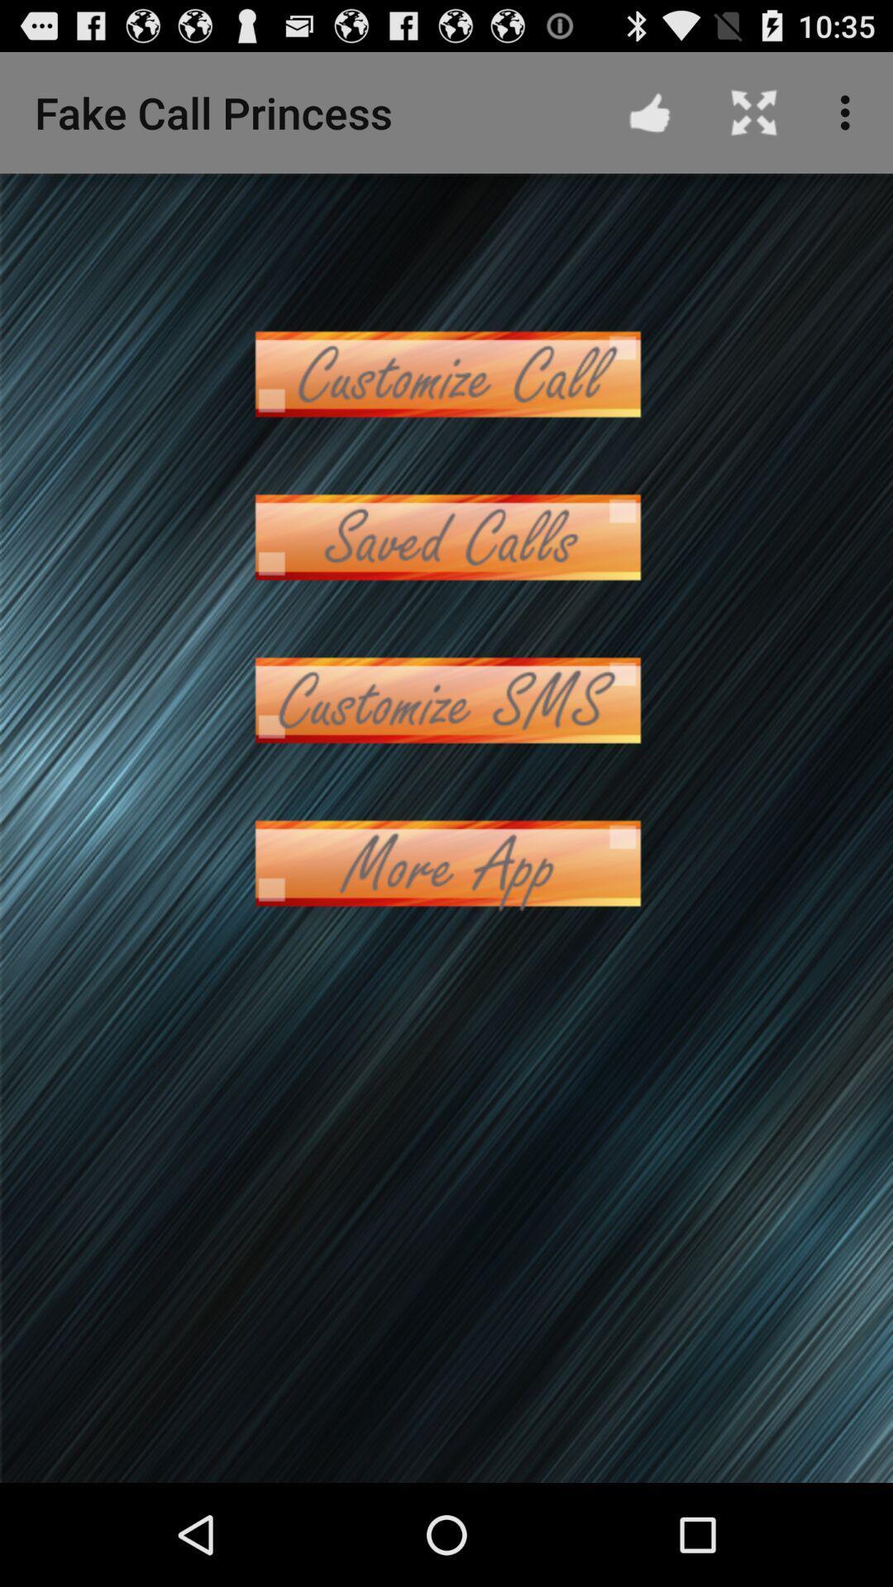  What do you see at coordinates (446, 862) in the screenshot?
I see `open the more application` at bounding box center [446, 862].